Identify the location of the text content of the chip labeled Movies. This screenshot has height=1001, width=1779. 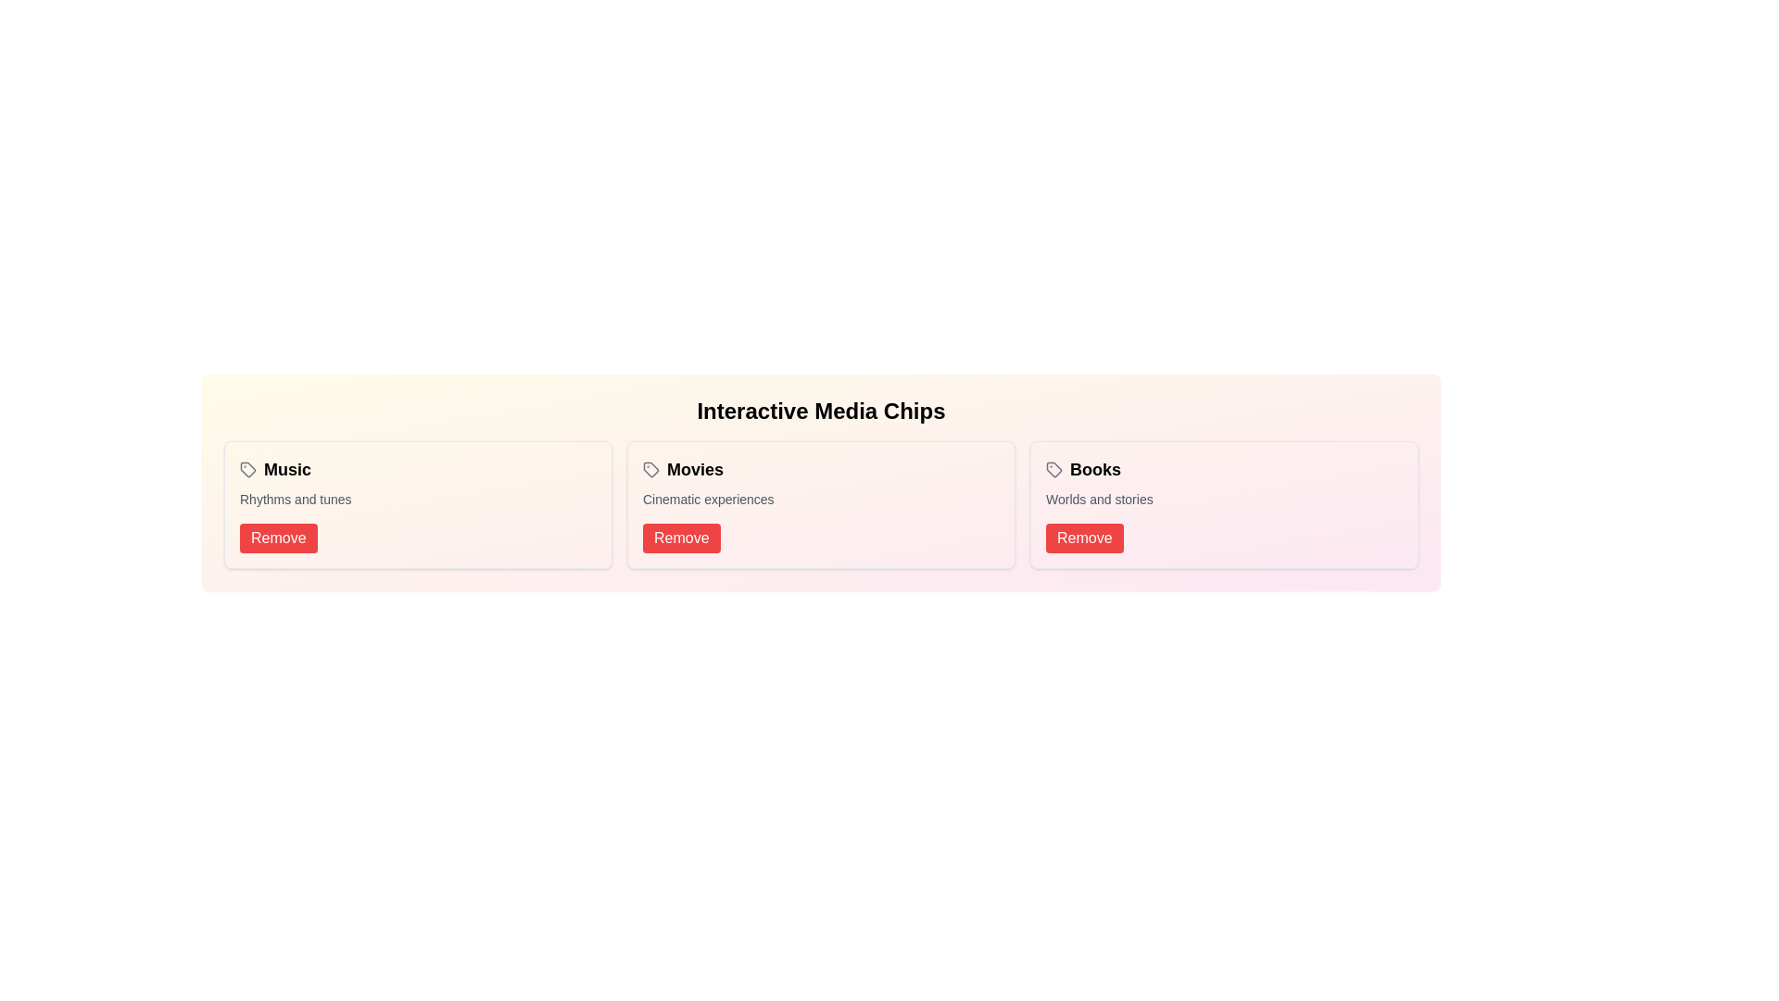
(682, 468).